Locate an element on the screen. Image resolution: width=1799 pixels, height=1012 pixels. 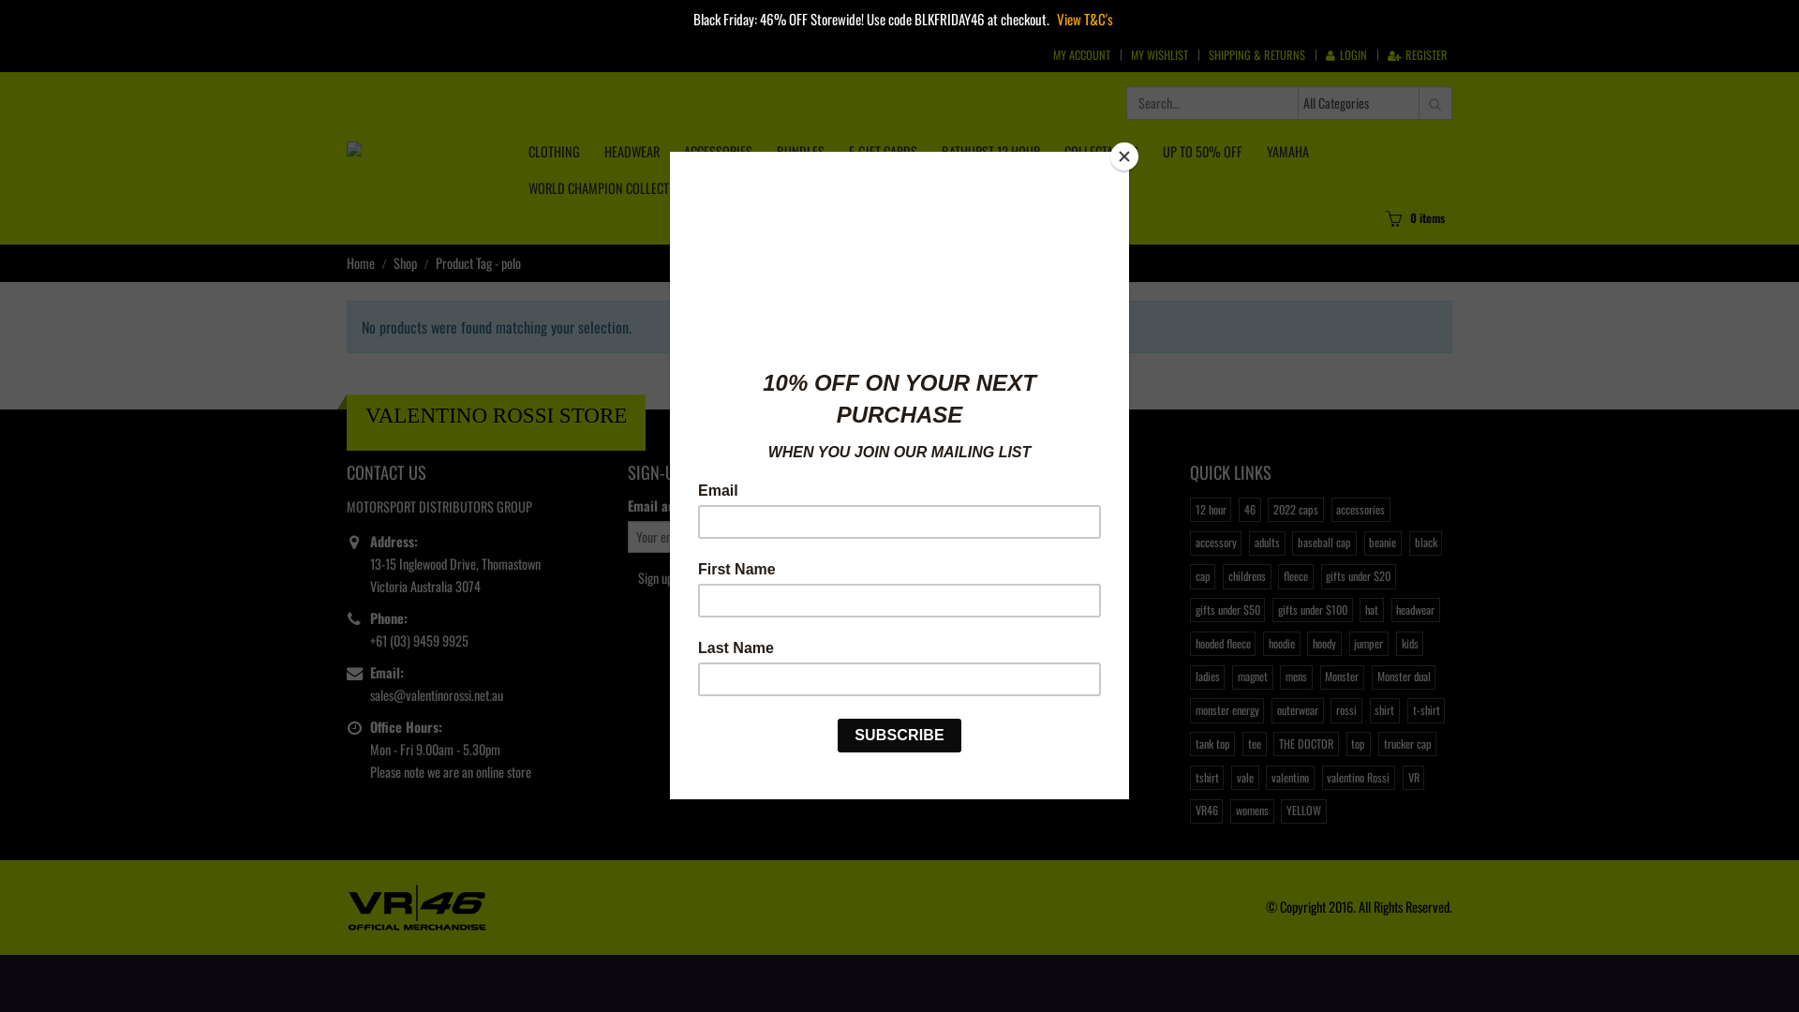
'hoodie' is located at coordinates (1280, 642).